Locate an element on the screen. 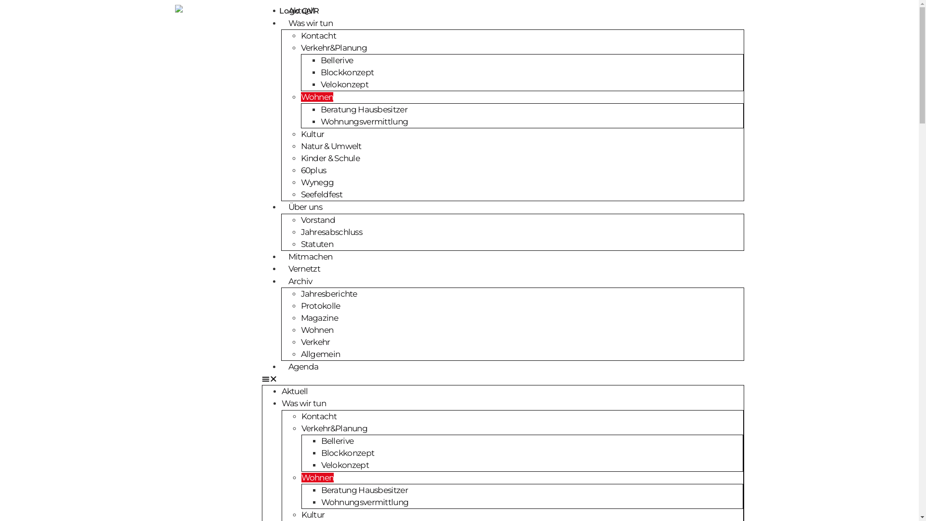 The image size is (926, 521). 'Agenda' is located at coordinates (280, 366).